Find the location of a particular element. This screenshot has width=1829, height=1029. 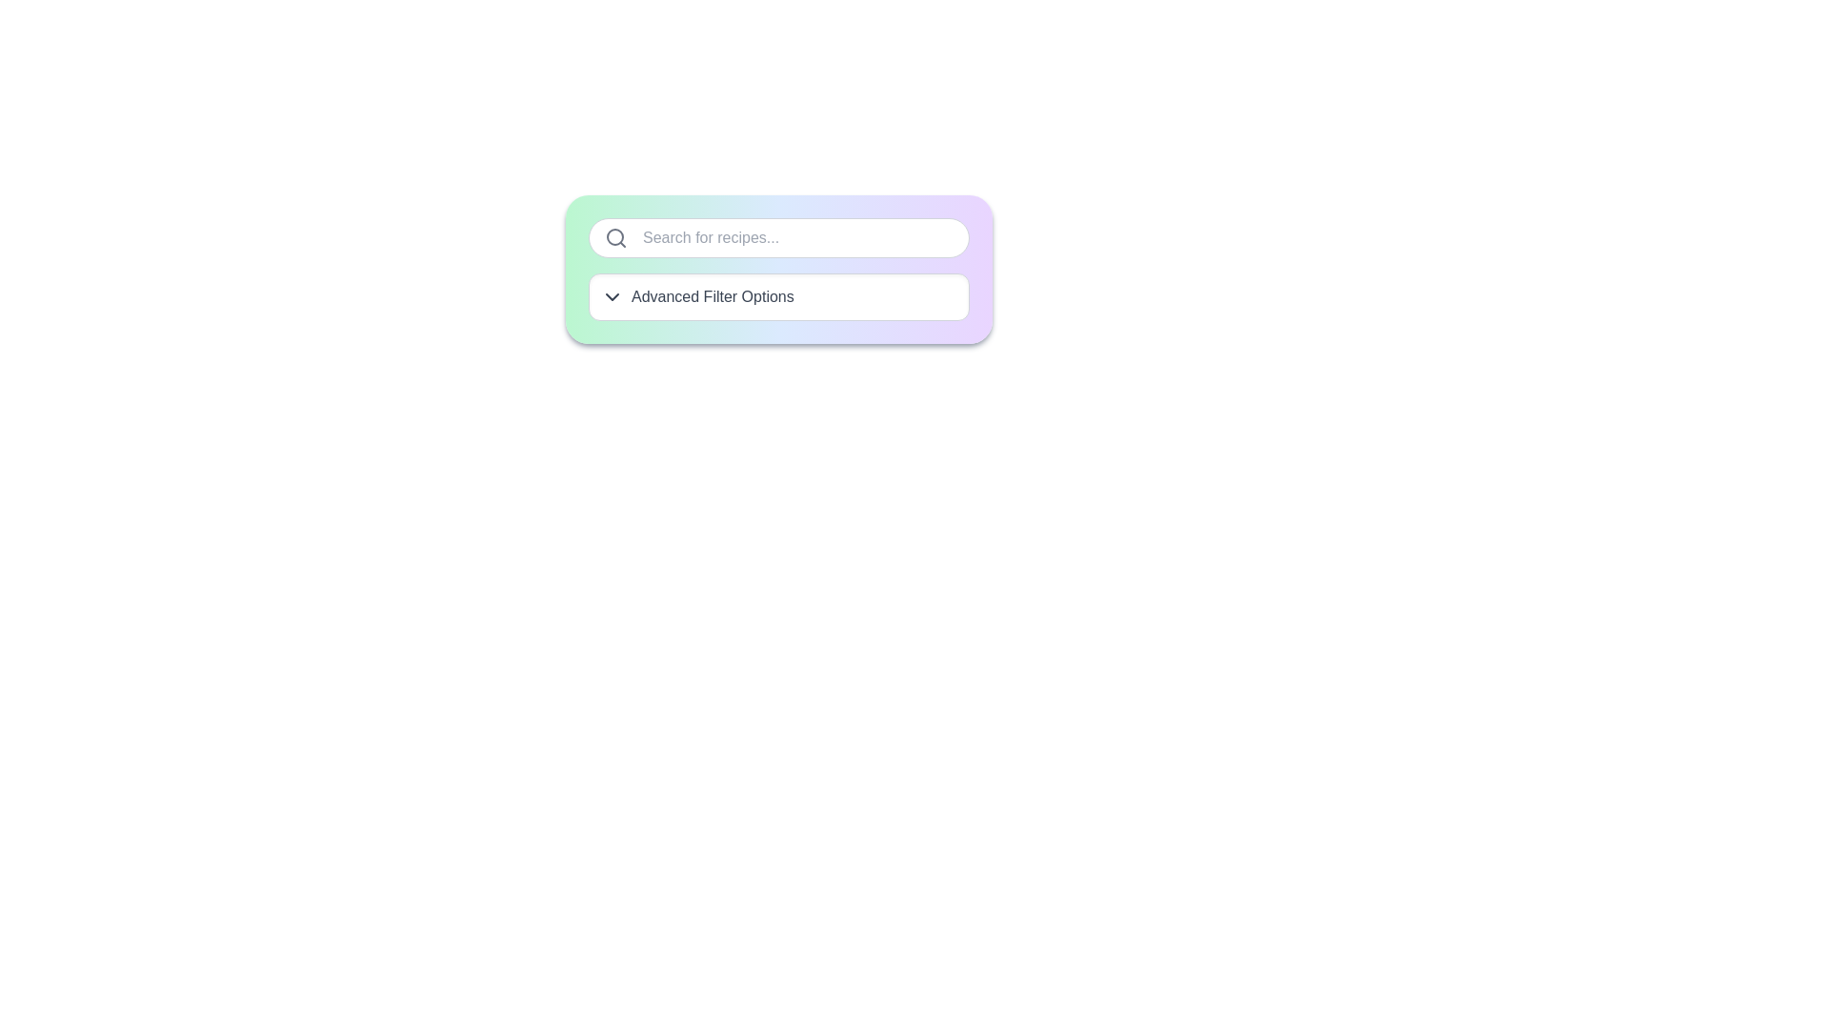

the search icon located in the top-left corner of the rounded rectangular search bar, which symbolizes a search action is located at coordinates (616, 237).